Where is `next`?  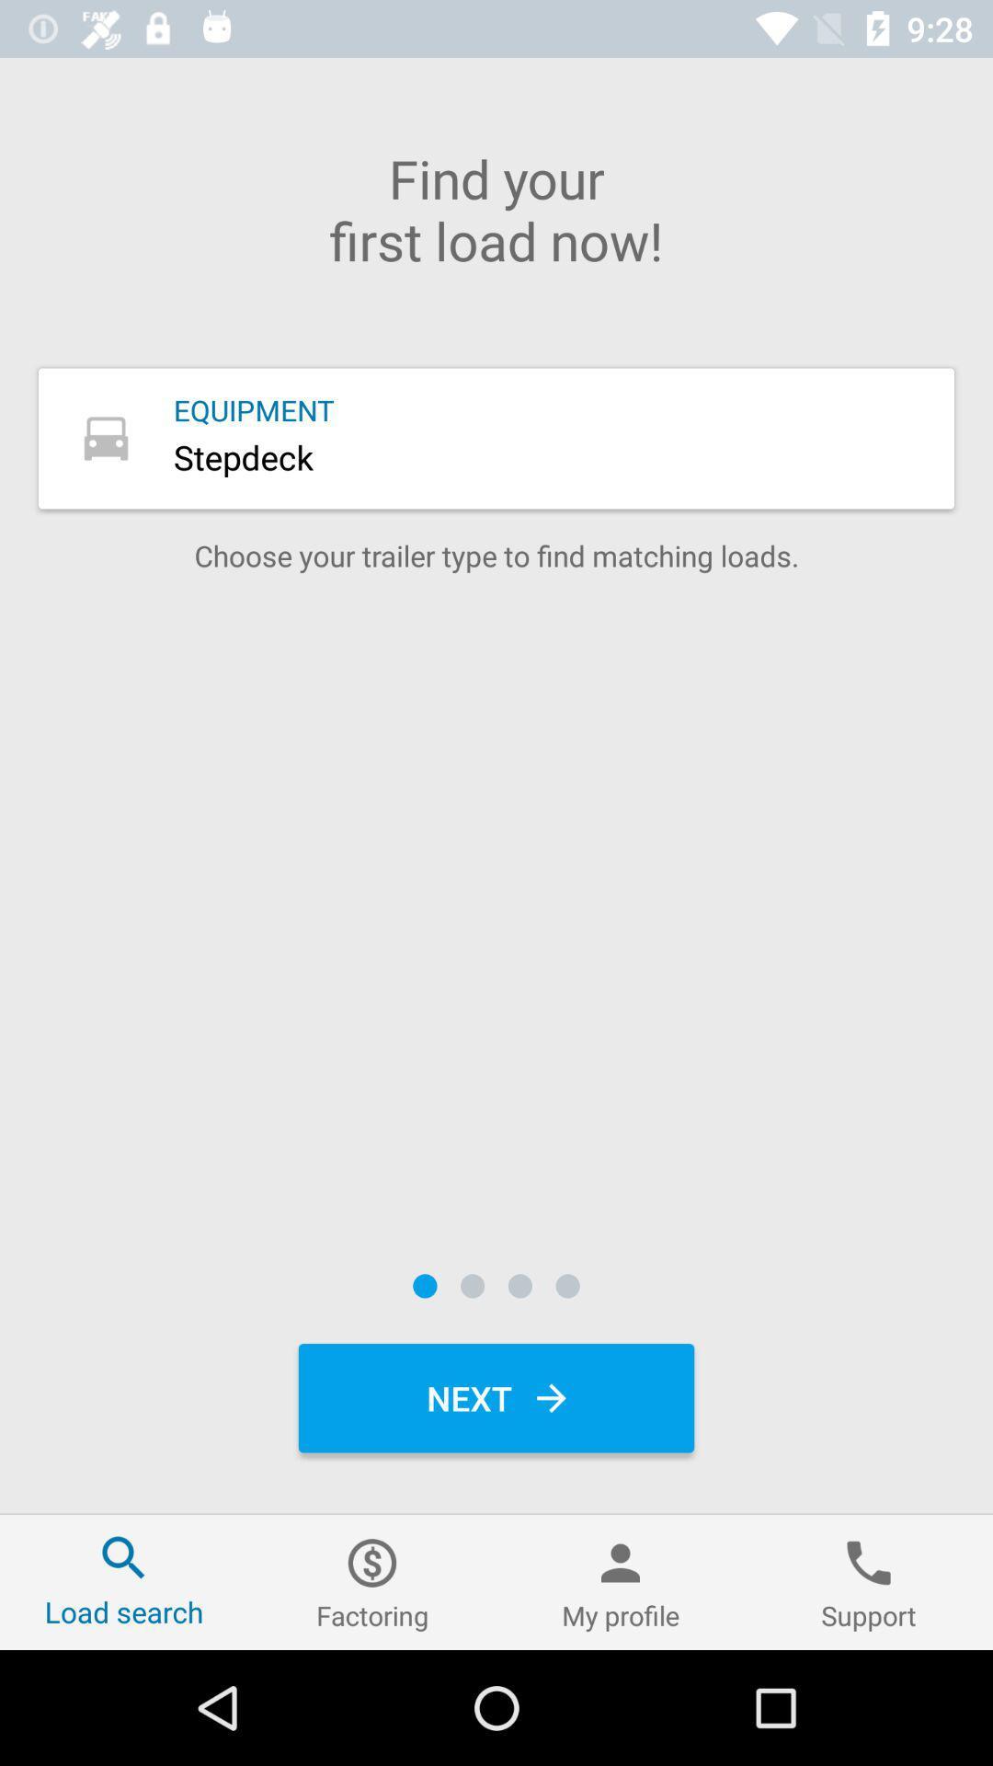
next is located at coordinates (496, 1398).